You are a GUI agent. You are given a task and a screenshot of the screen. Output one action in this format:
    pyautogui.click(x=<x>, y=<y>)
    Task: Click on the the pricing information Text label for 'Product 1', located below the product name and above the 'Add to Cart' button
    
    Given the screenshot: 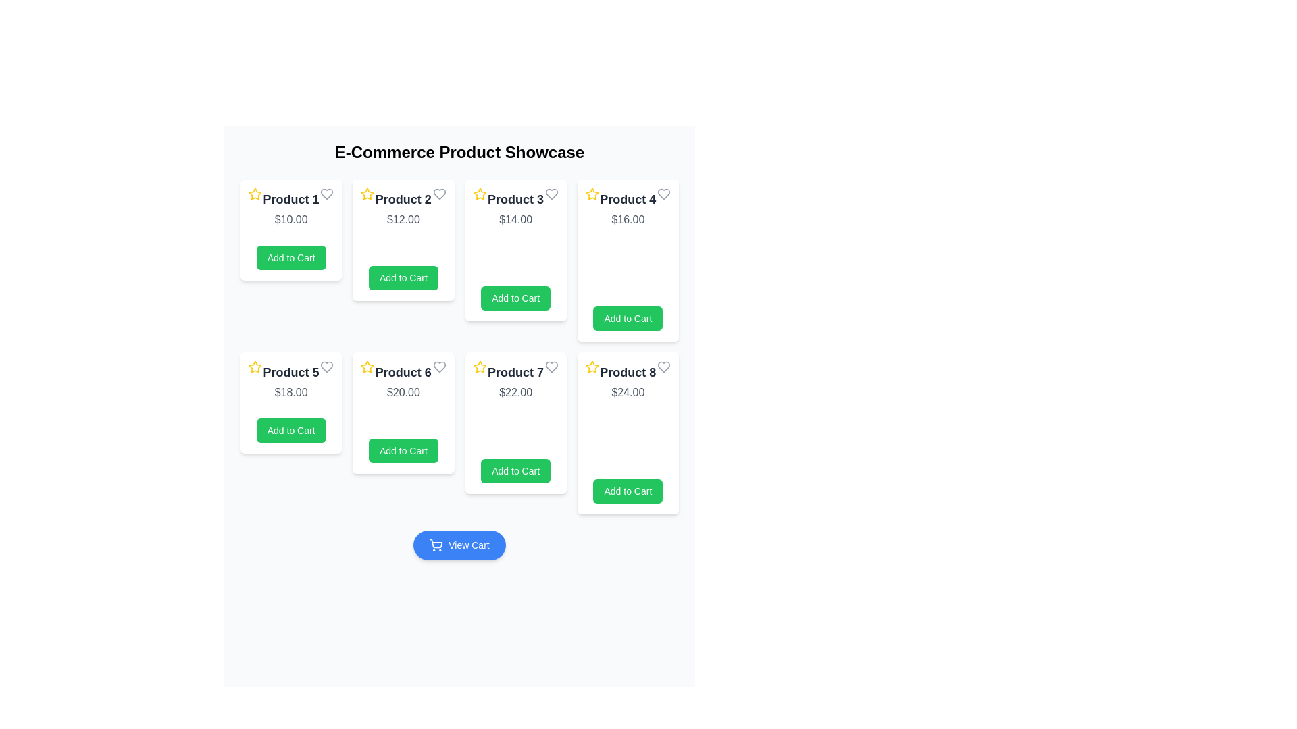 What is the action you would take?
    pyautogui.click(x=290, y=219)
    